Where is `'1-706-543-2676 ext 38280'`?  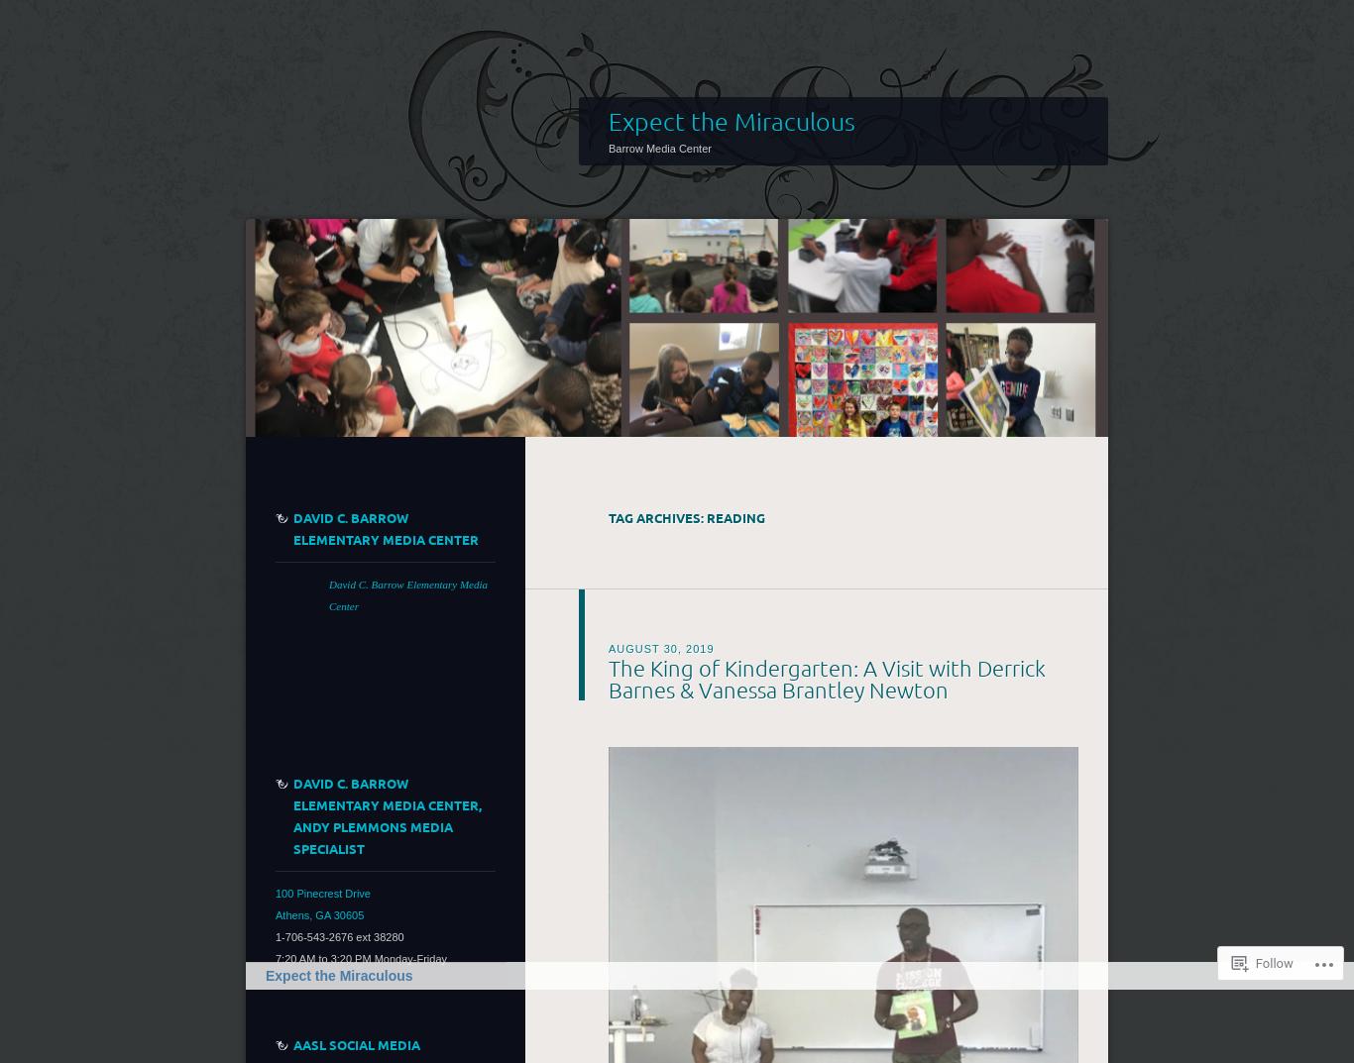 '1-706-543-2676 ext 38280' is located at coordinates (339, 935).